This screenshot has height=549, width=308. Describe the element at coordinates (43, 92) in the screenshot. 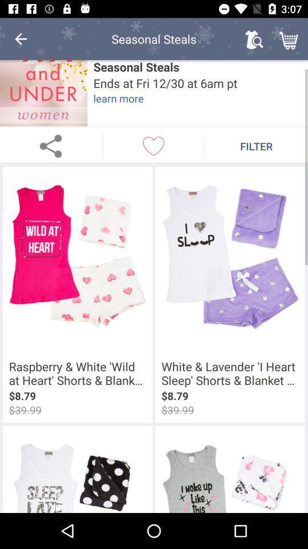

I see `item to the left of the seasonal steals item` at that location.